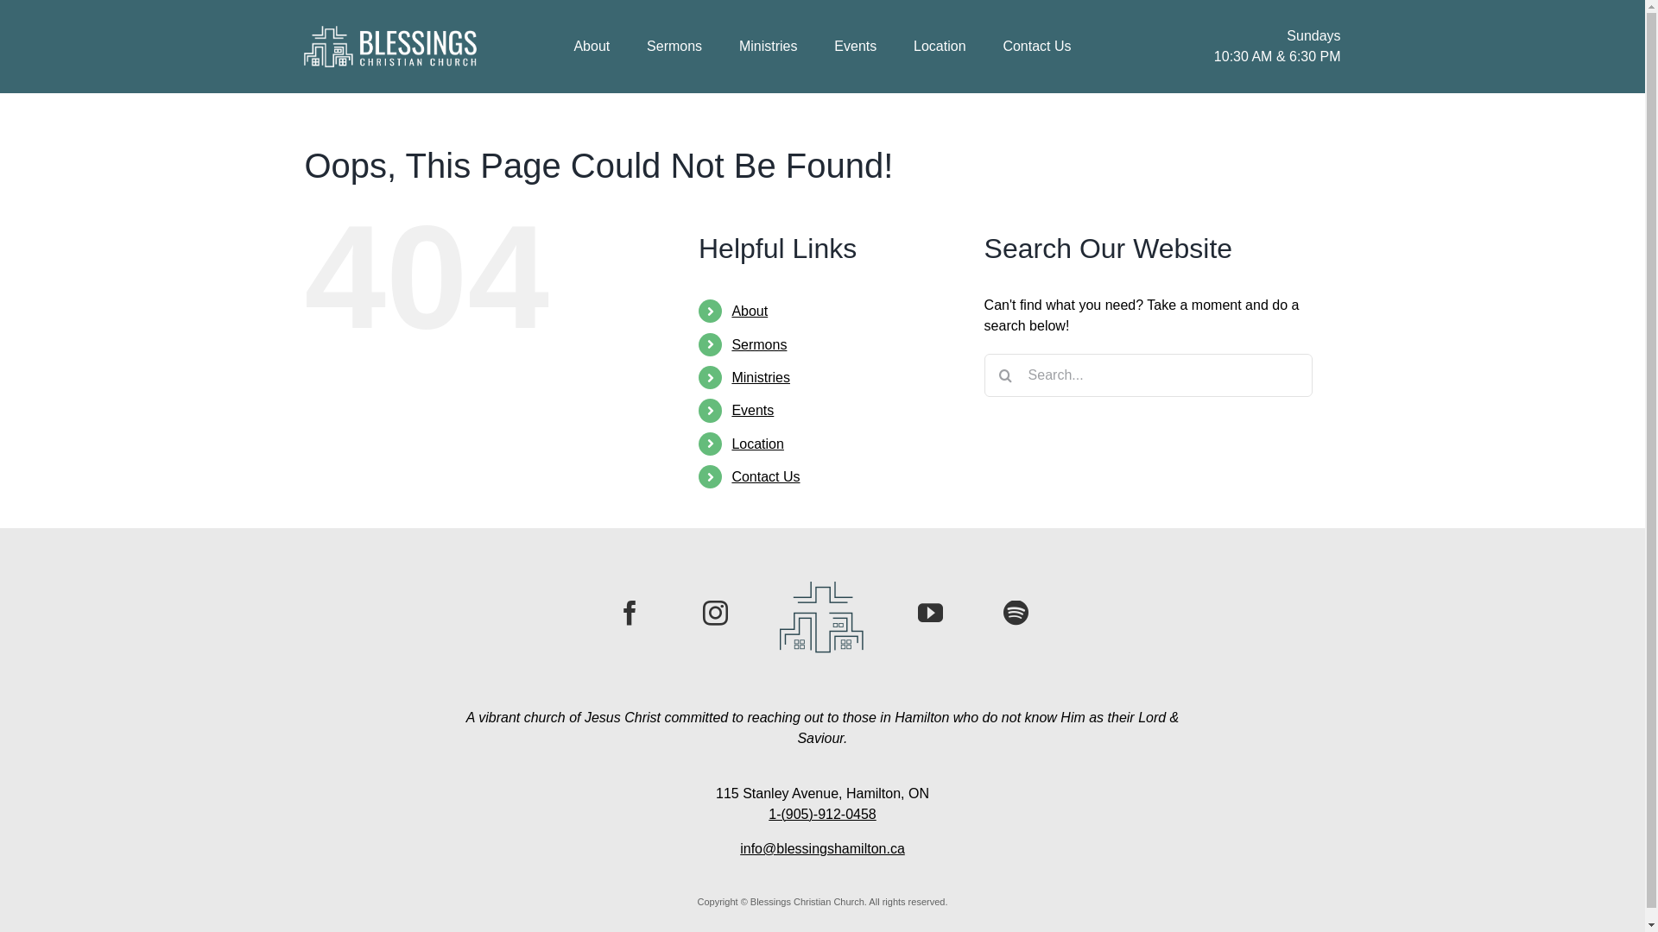  I want to click on 'Ministries', so click(760, 376).